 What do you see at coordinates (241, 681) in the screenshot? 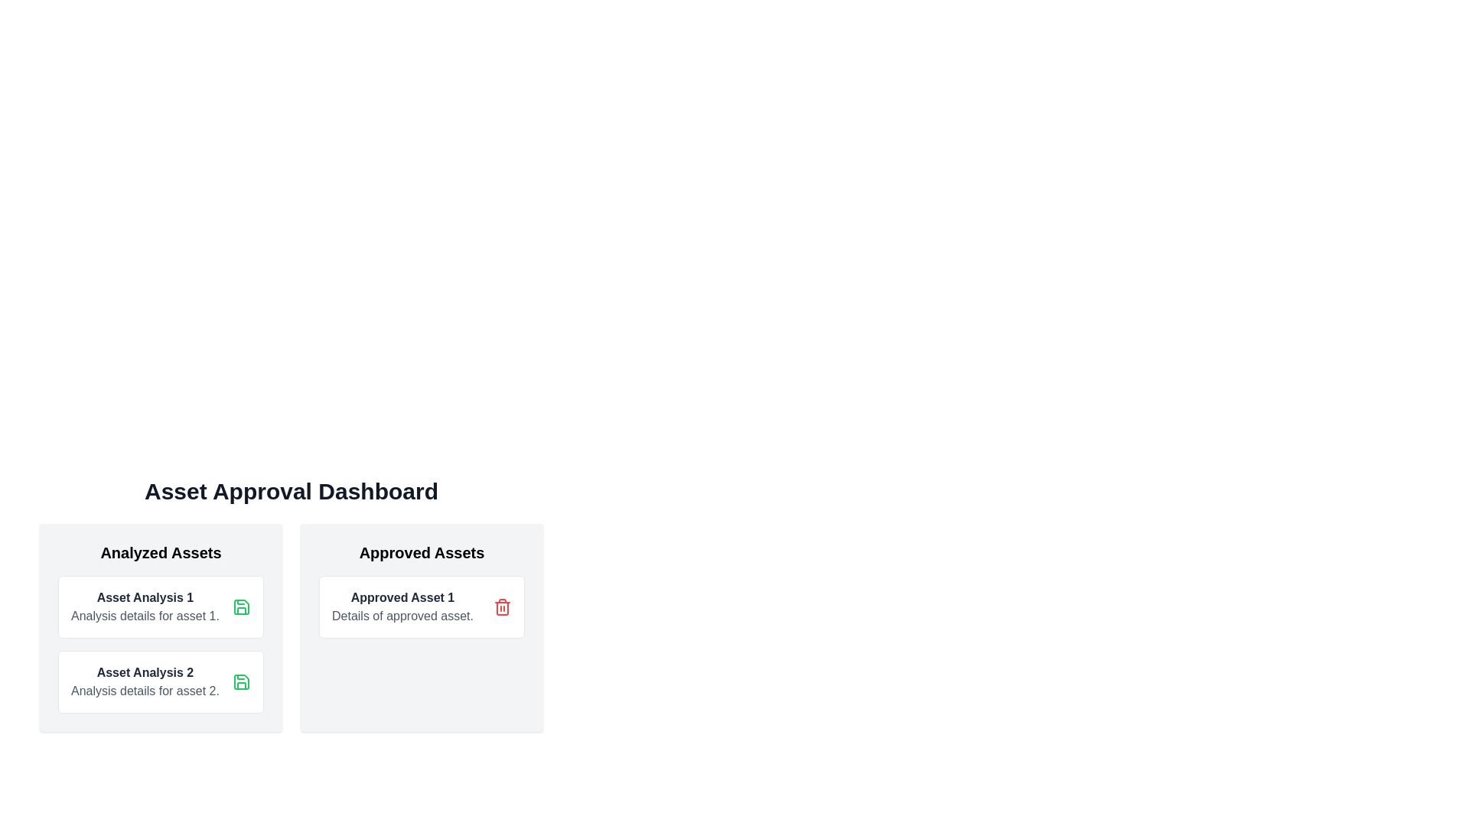
I see `the distinctive green icon button located on the right side of the 'Asset Analysis 2' section` at bounding box center [241, 681].